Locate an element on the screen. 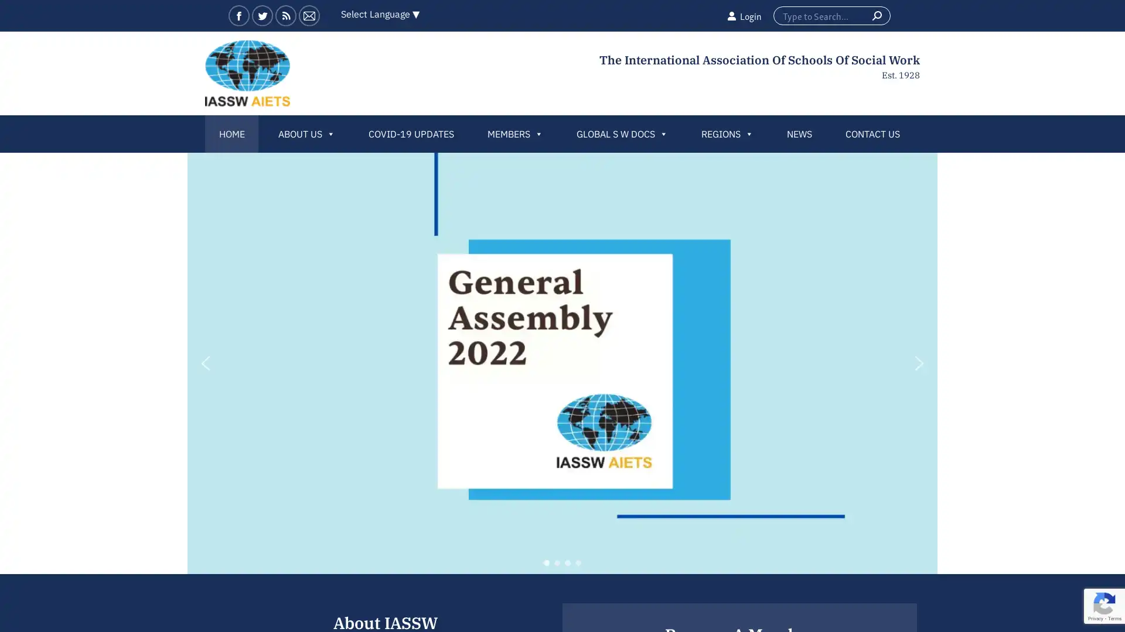 The width and height of the screenshot is (1125, 632). previous arrow is located at coordinates (205, 363).